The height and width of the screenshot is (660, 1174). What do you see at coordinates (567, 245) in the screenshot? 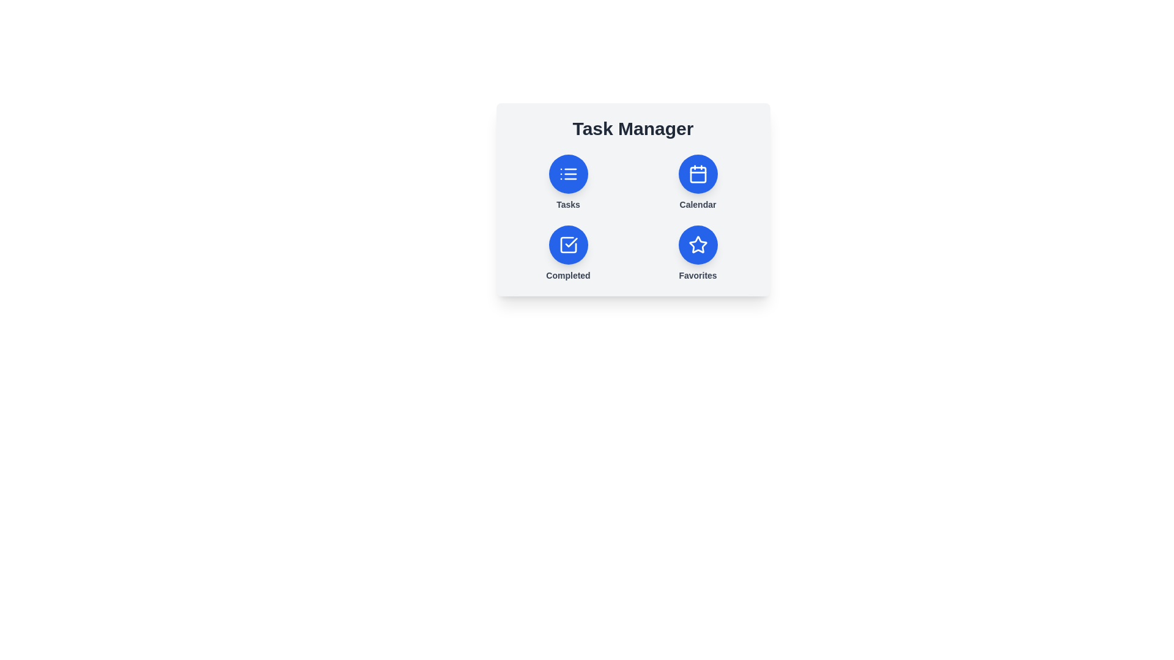
I see `the 'Completed' icon button located in the bottom-left quadrant of the four-icon grid layout` at bounding box center [567, 245].